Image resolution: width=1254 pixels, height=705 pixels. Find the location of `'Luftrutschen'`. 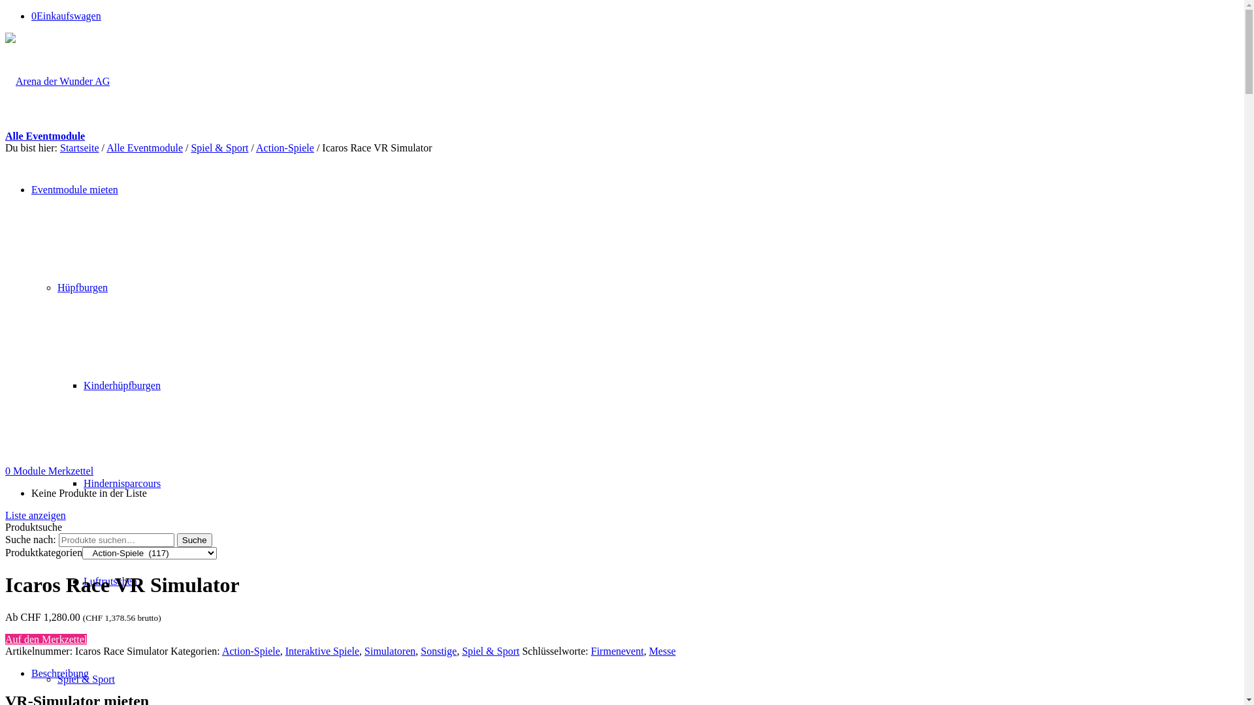

'Luftrutschen' is located at coordinates (110, 580).